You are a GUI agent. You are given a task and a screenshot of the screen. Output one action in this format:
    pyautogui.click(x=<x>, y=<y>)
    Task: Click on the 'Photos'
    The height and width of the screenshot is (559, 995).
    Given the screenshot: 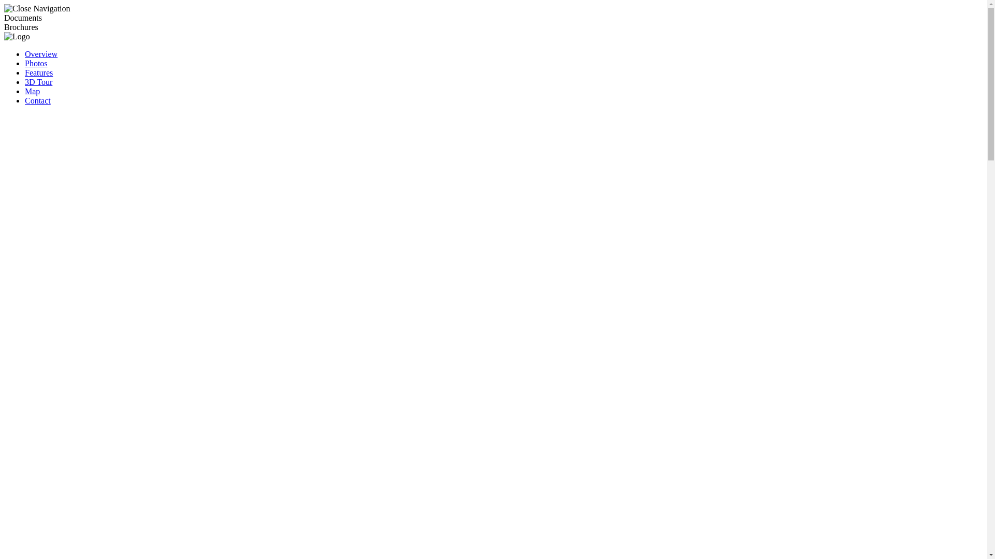 What is the action you would take?
    pyautogui.click(x=36, y=63)
    